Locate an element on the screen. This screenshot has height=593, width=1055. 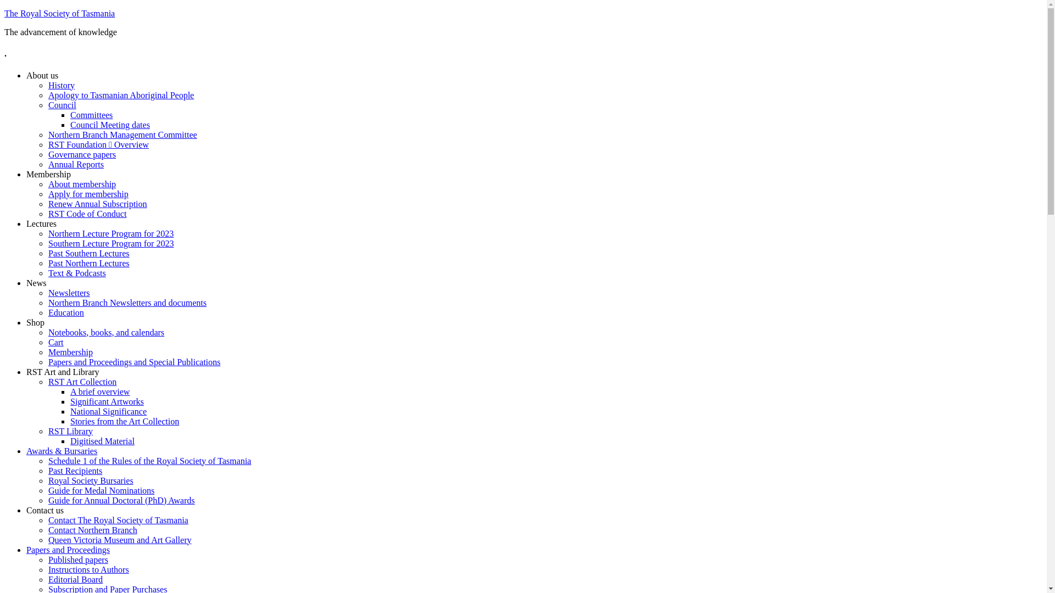
'Significant Artworks' is located at coordinates (107, 401).